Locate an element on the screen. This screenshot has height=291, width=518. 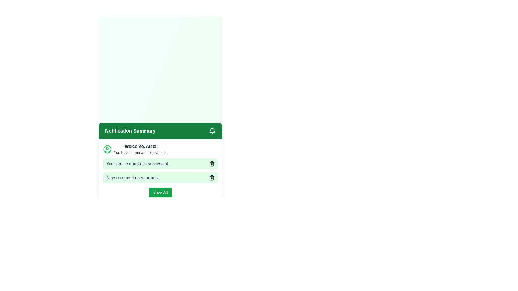
the informational display component that greets the user with the message 'Welcome, Alex! You have 5 unread notifications.' to trigger potential tooltips or effects is located at coordinates (160, 149).